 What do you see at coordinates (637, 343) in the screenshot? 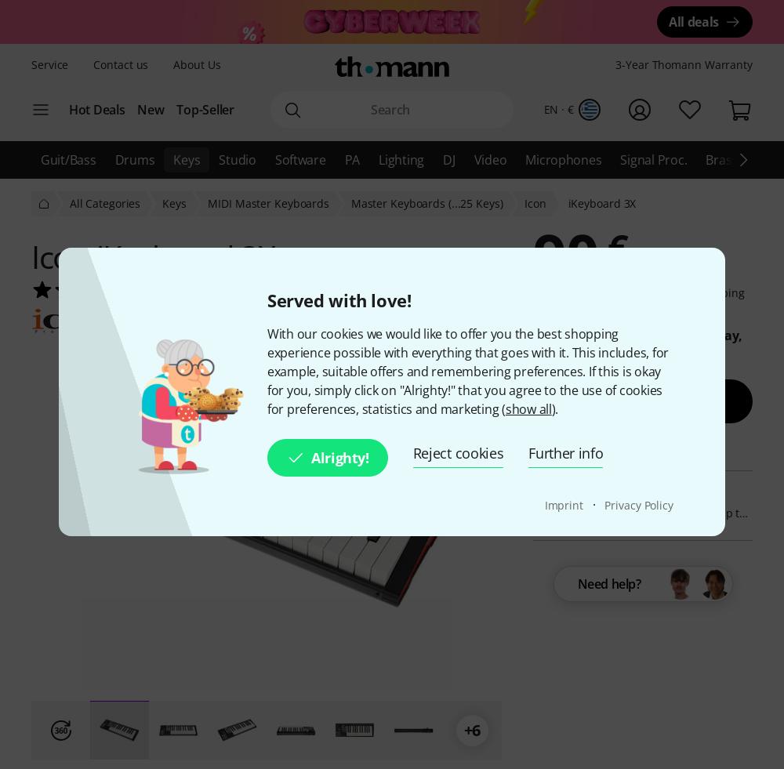
I see `'Thursday, 30.11.'` at bounding box center [637, 343].